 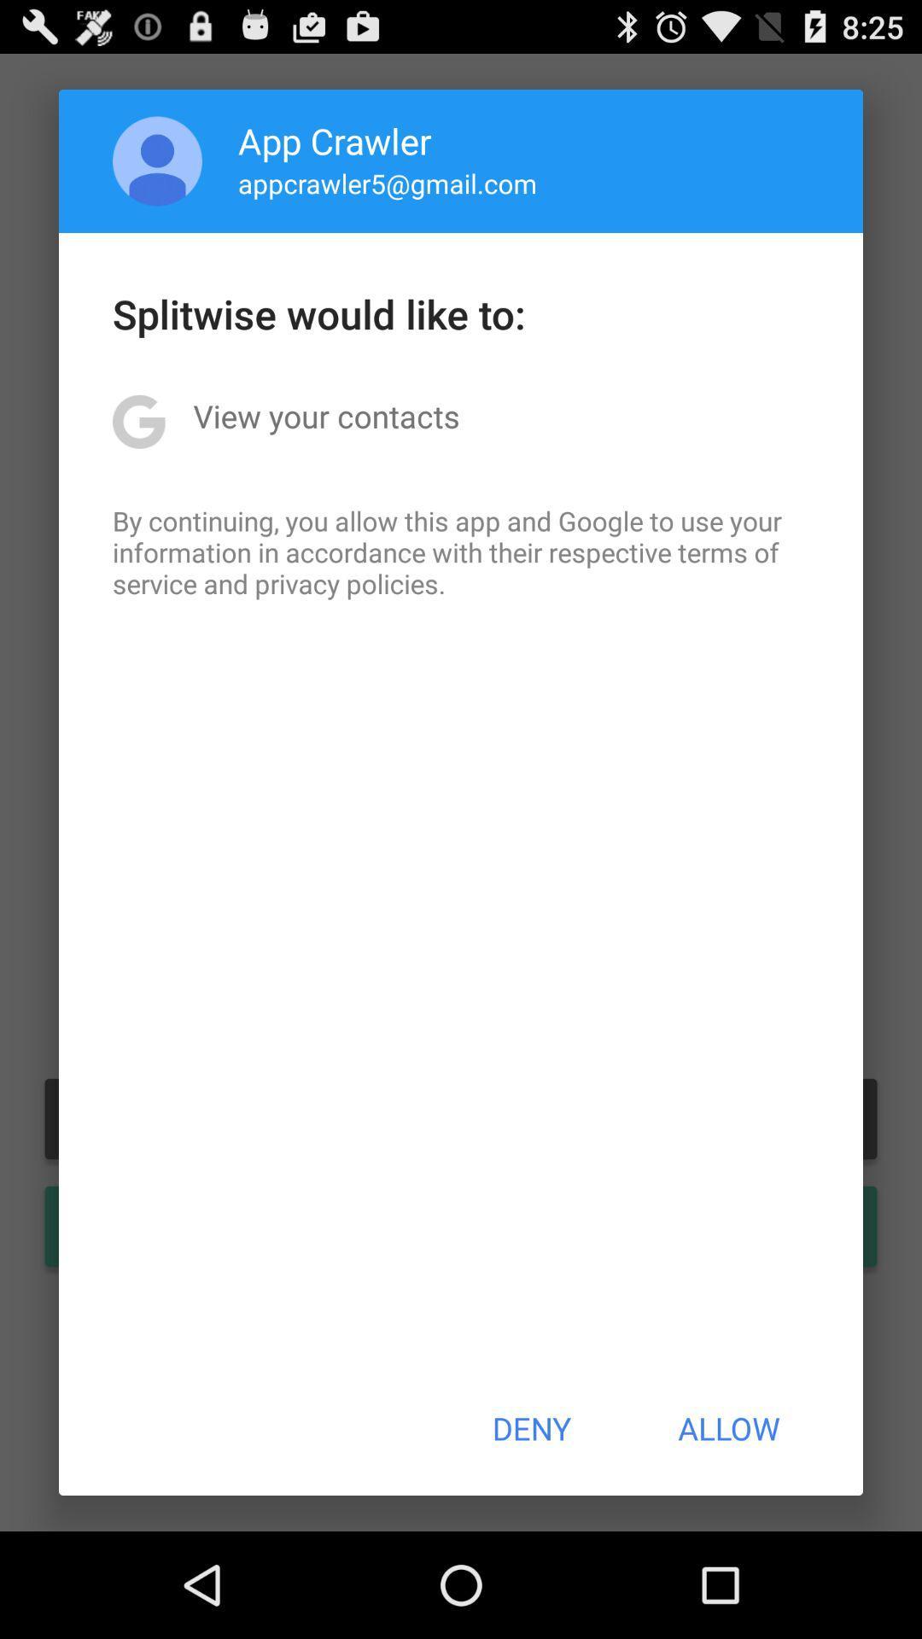 I want to click on icon below the by continuing you, so click(x=530, y=1428).